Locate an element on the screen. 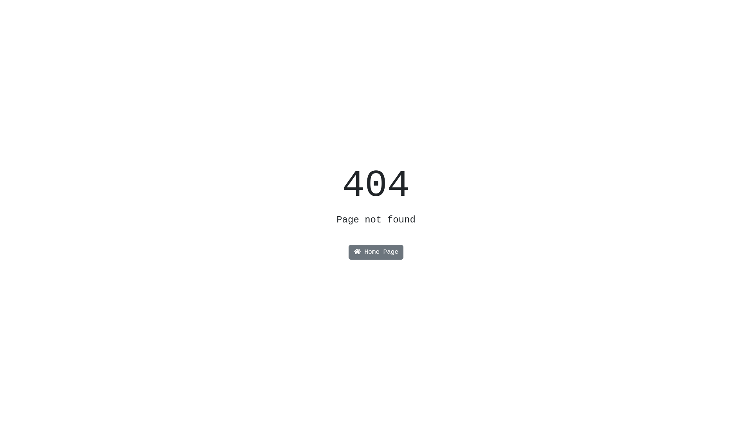  'Home Page' is located at coordinates (348, 252).